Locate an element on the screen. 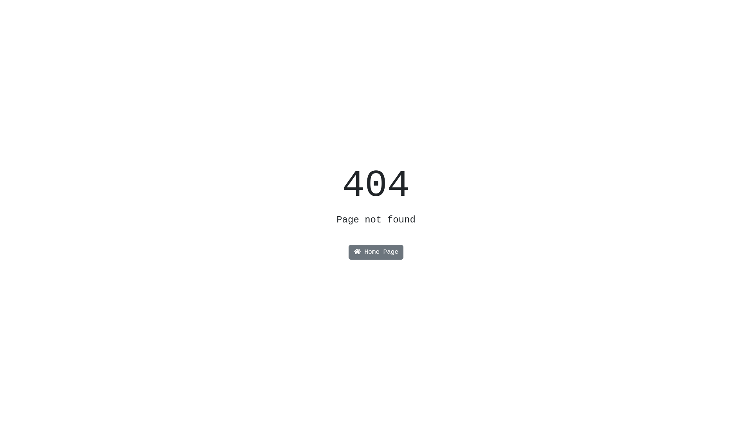  'Home Page' is located at coordinates (348, 252).